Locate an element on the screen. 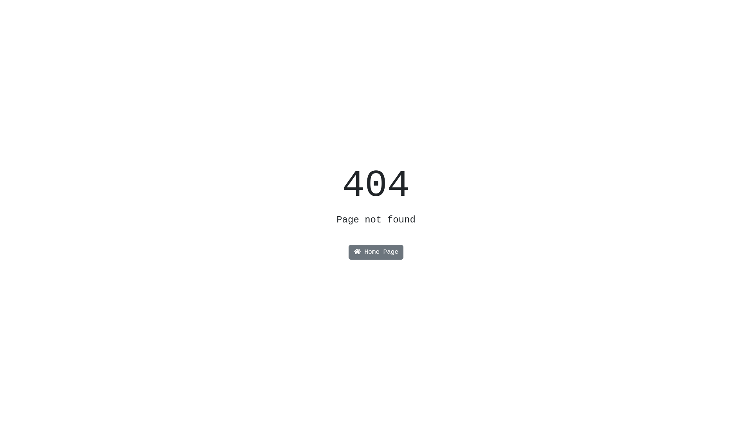  'Home Page' is located at coordinates (348, 252).